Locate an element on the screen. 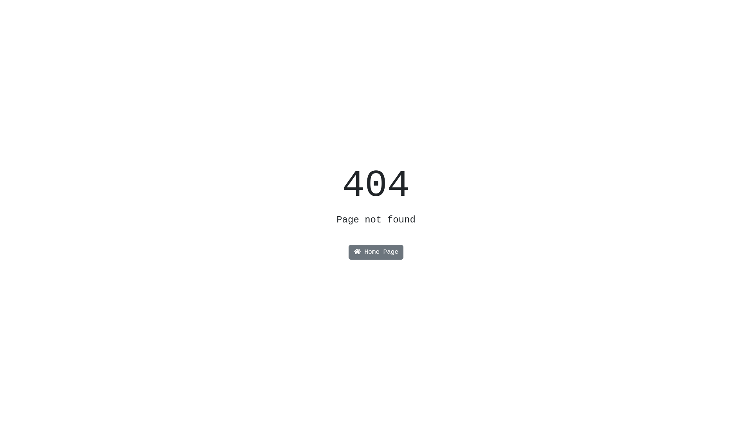  'Home Page' is located at coordinates (348, 252).